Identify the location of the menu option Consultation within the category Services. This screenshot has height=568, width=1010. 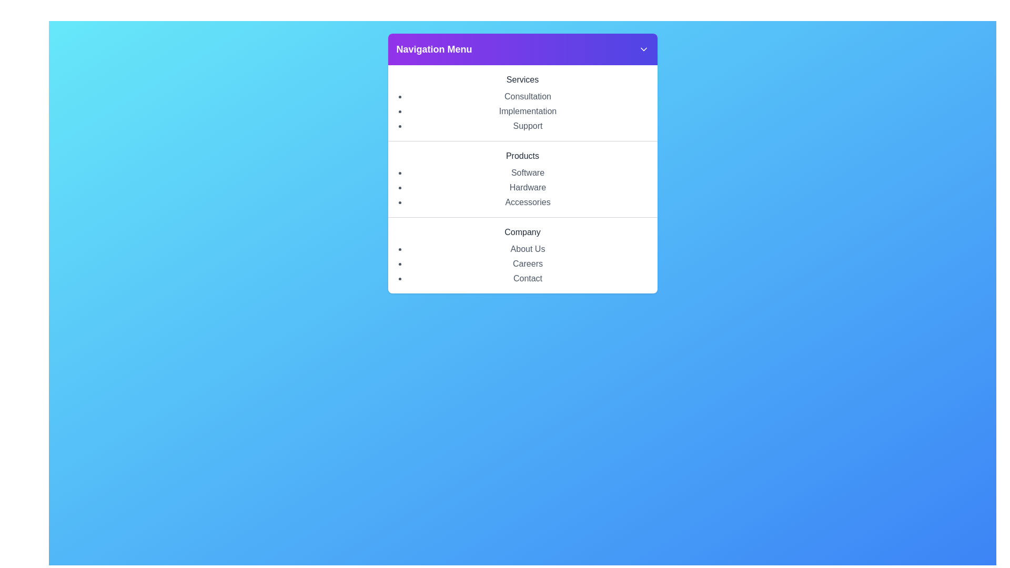
(528, 97).